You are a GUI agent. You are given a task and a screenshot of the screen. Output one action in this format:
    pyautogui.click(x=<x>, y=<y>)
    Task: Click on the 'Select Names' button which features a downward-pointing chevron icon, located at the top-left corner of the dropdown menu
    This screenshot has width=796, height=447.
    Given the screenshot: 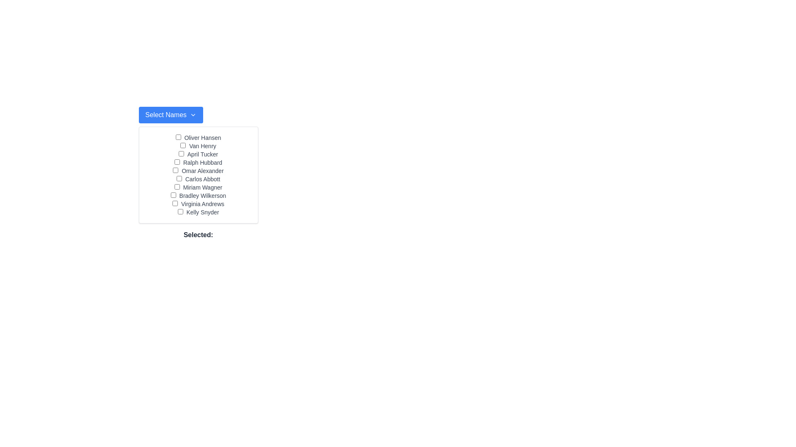 What is the action you would take?
    pyautogui.click(x=193, y=115)
    